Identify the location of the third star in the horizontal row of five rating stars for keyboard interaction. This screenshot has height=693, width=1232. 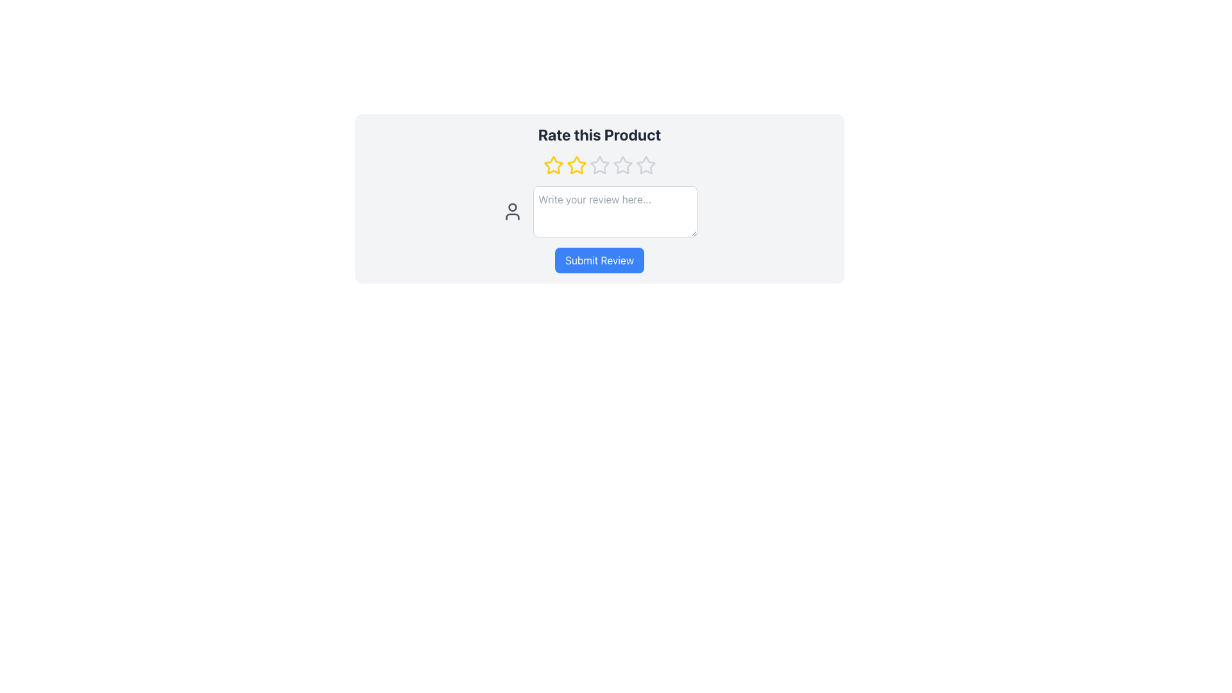
(599, 164).